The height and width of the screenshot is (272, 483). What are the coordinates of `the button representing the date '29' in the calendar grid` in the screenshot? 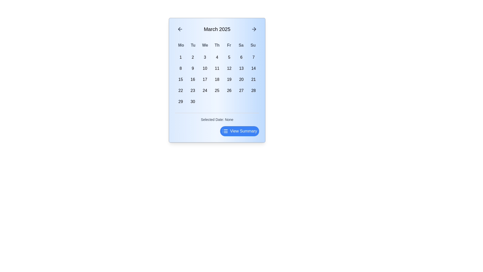 It's located at (181, 102).